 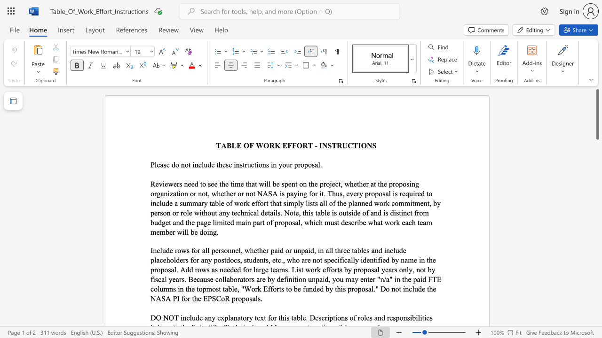 I want to click on the scrollbar to scroll the page down, so click(x=597, y=296).